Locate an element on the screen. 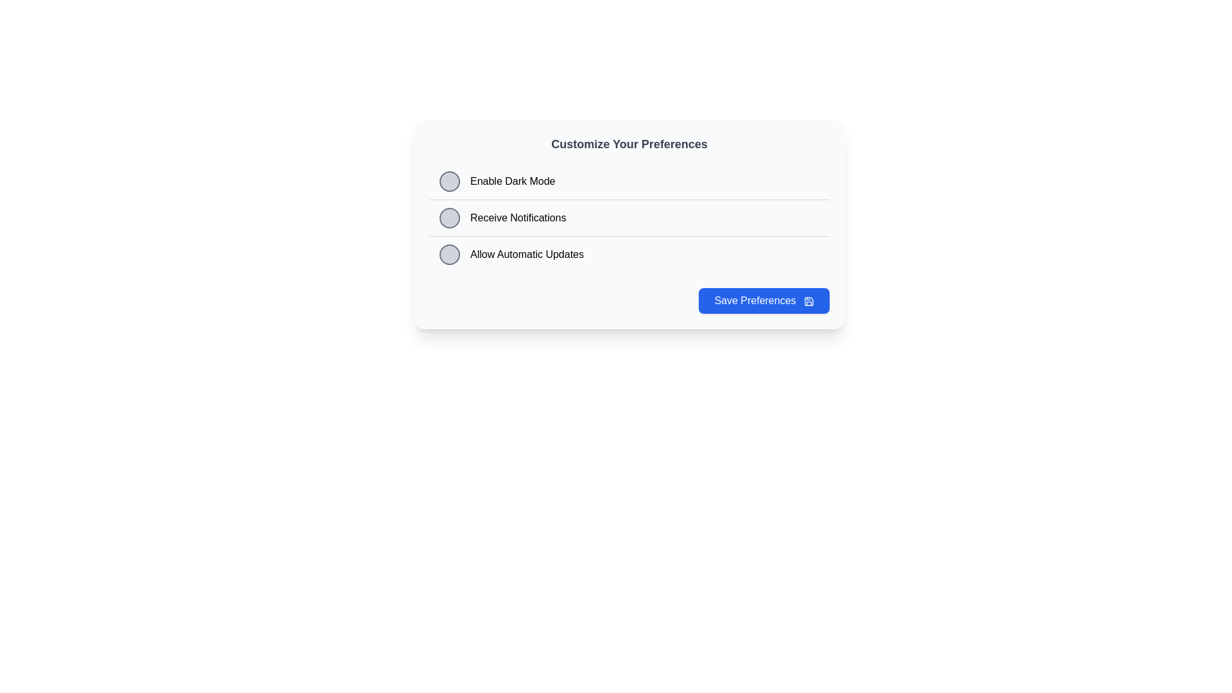 The height and width of the screenshot is (693, 1232). the Toggle option for automatic updates, which is the third item in the vertical list under 'Customize Your Preferences' is located at coordinates (511, 255).